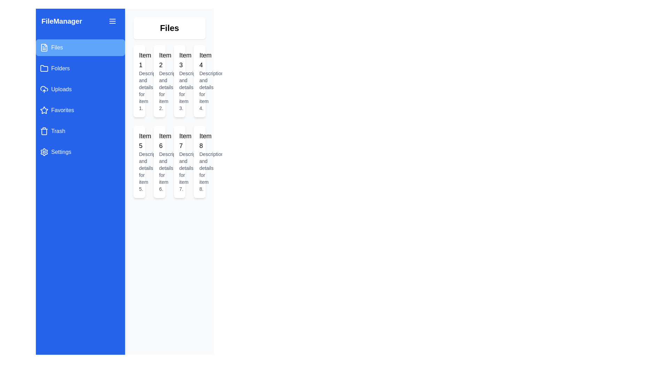 This screenshot has width=669, height=376. Describe the element at coordinates (179, 80) in the screenshot. I see `text from the Card element displaying 'Item 3' and its description 'Description and details for item 3' located in the first row of the grid layout` at that location.